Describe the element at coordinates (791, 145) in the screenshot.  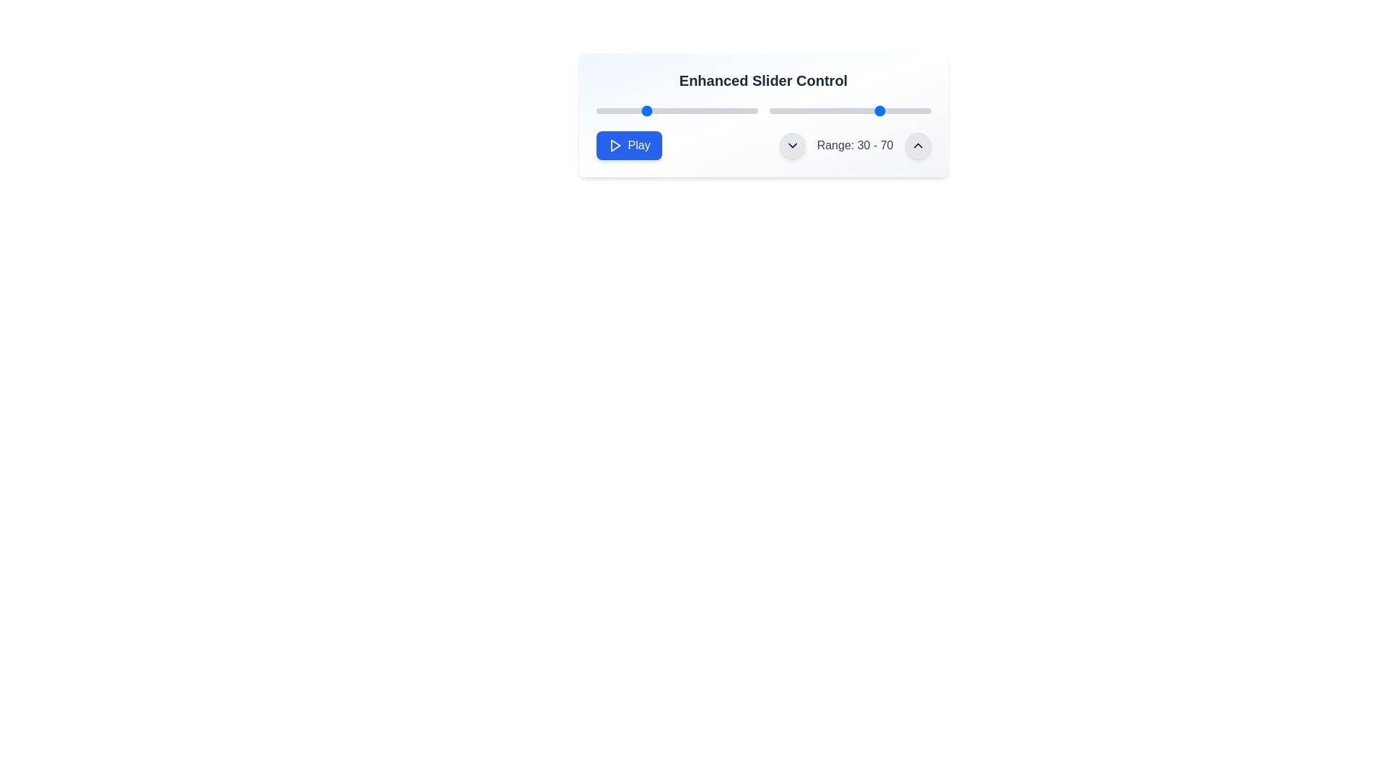
I see `the chevron-down icon located inside the rounded button next to the range text 'Range: 30 - 70'` at that location.